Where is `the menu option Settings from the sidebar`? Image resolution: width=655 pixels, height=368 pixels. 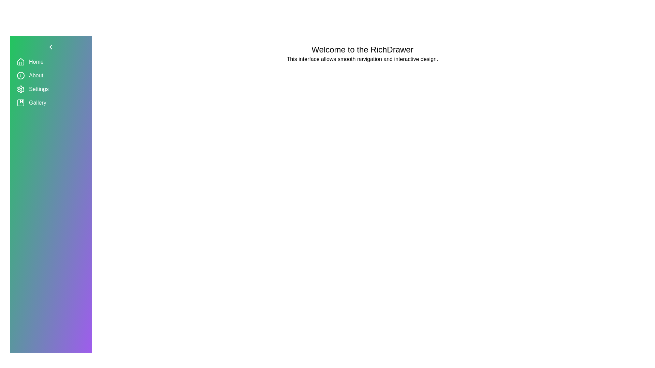
the menu option Settings from the sidebar is located at coordinates (50, 89).